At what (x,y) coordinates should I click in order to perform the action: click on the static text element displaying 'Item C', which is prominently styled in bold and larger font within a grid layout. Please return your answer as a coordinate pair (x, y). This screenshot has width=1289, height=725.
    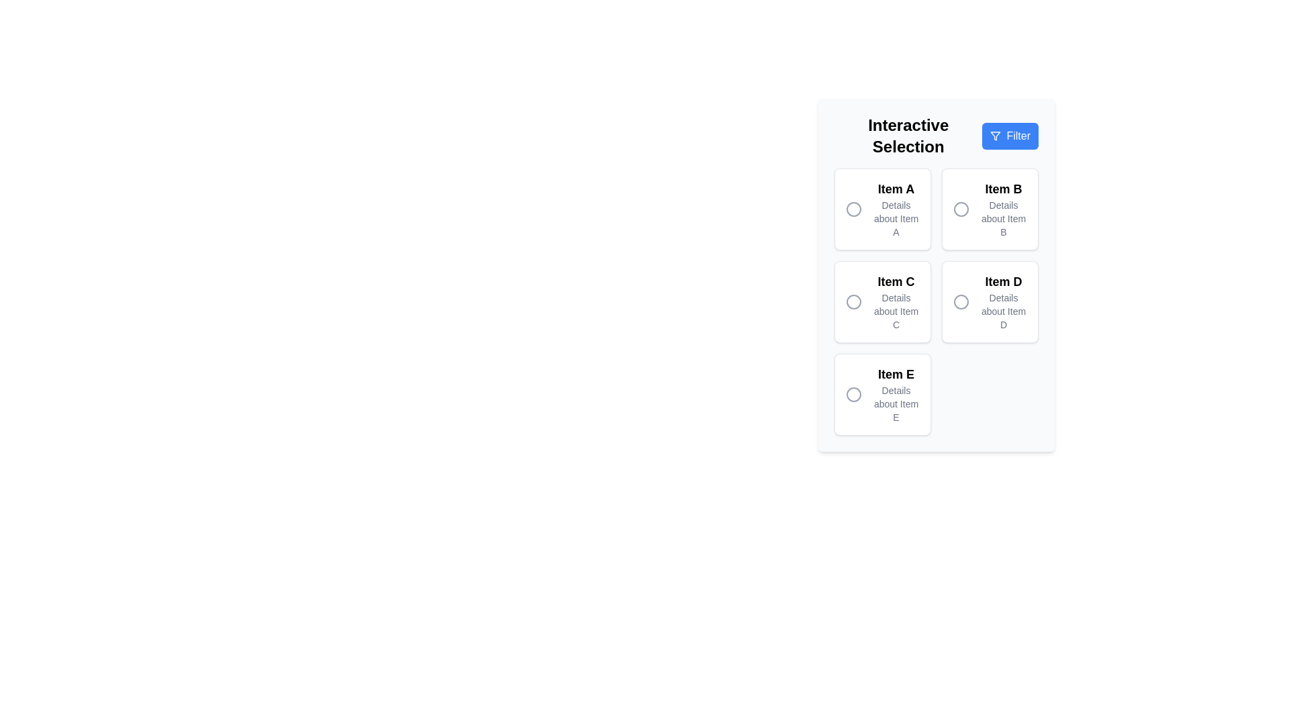
    Looking at the image, I should click on (896, 281).